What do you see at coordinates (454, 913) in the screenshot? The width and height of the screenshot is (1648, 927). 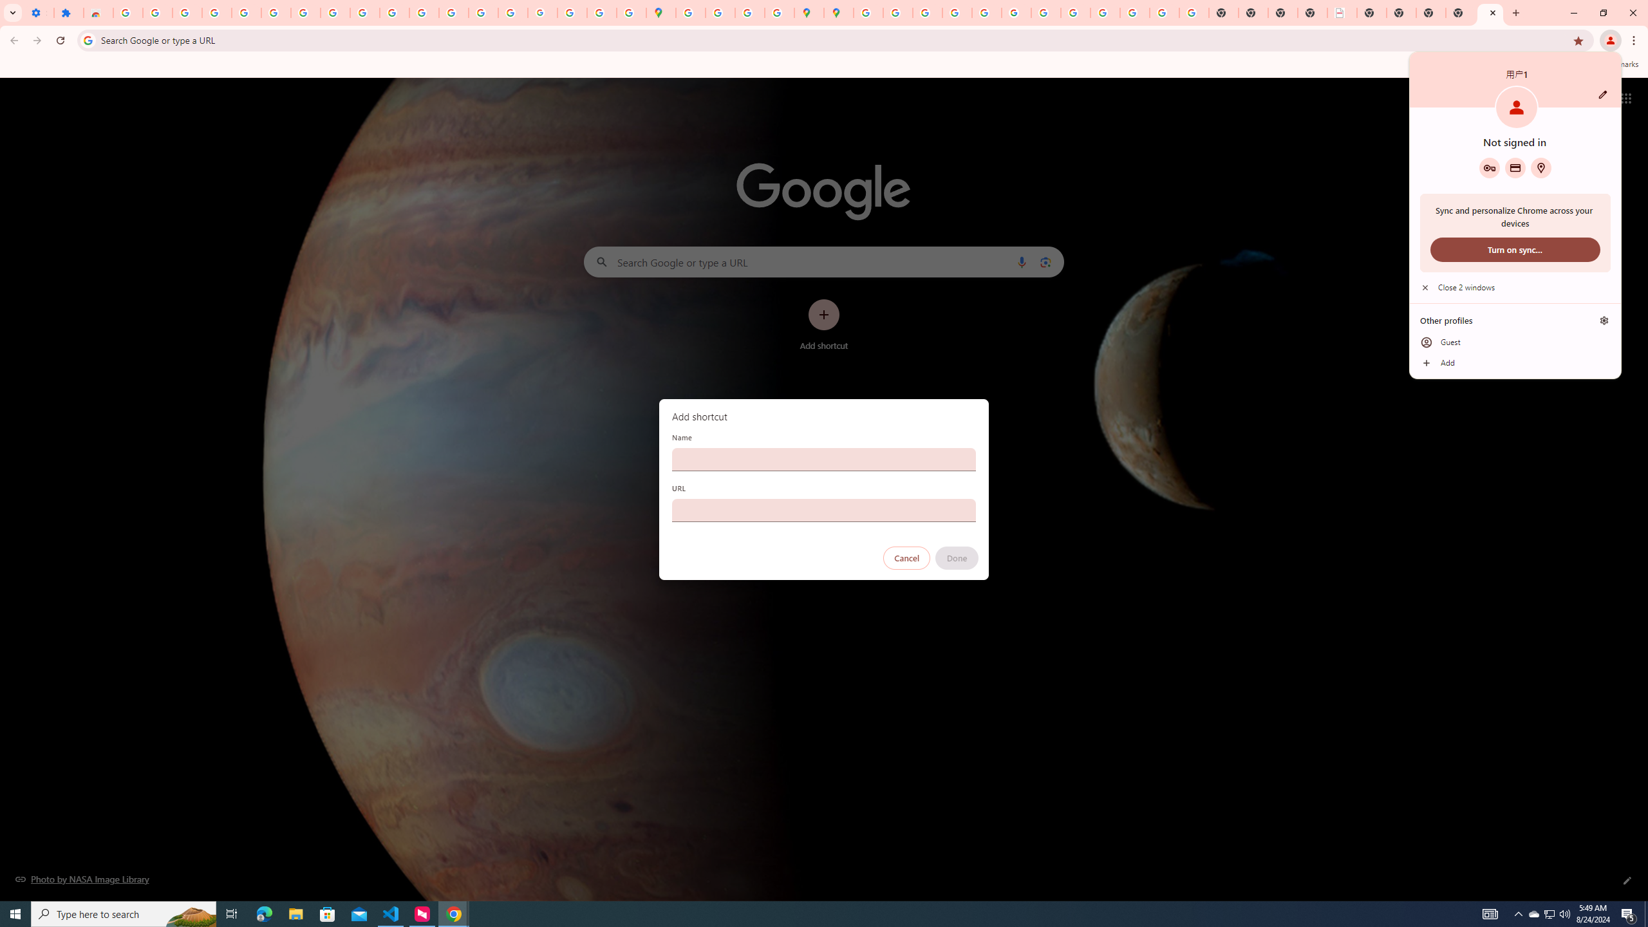 I see `'Google Chrome - 2 running windows'` at bounding box center [454, 913].